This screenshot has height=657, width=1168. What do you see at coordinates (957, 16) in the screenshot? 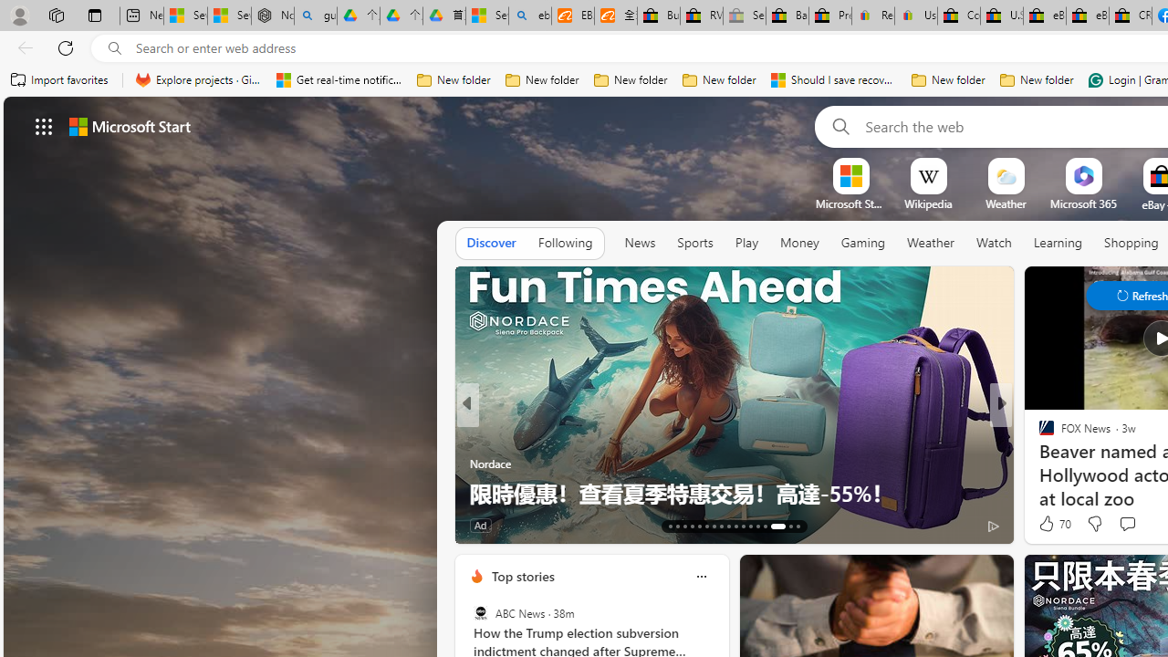
I see `'Consumer Health Data Privacy Policy - eBay Inc.'` at bounding box center [957, 16].